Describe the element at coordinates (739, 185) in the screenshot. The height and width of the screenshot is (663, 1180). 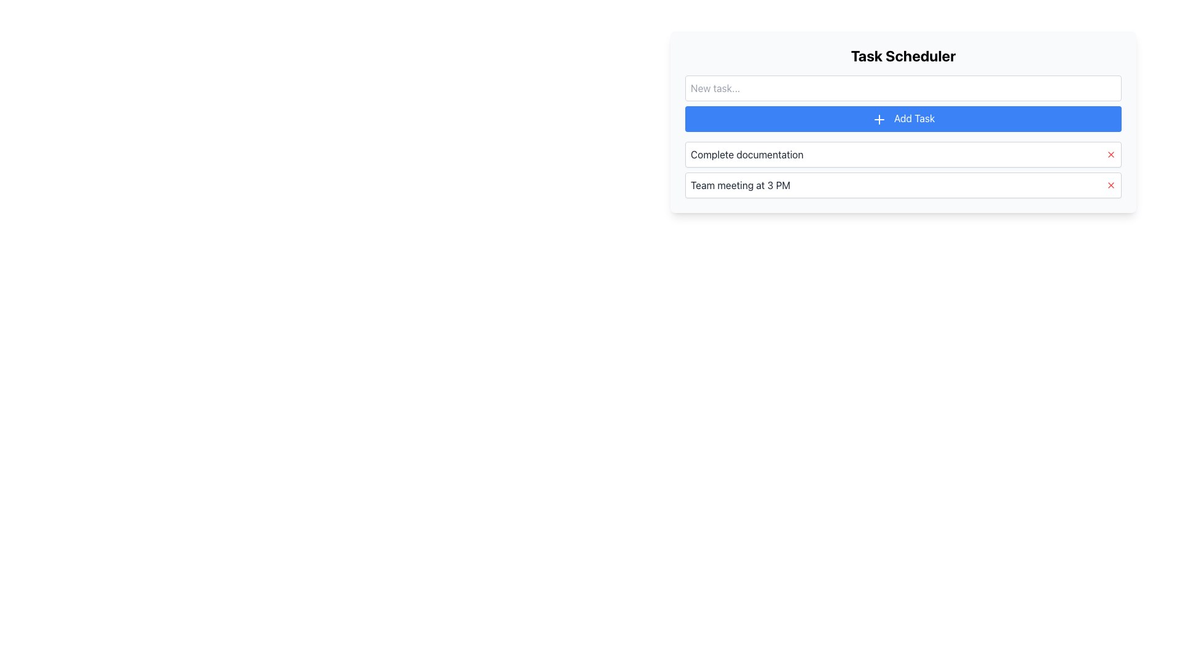
I see `the Text Label that displays the task description within the Task Scheduler module` at that location.